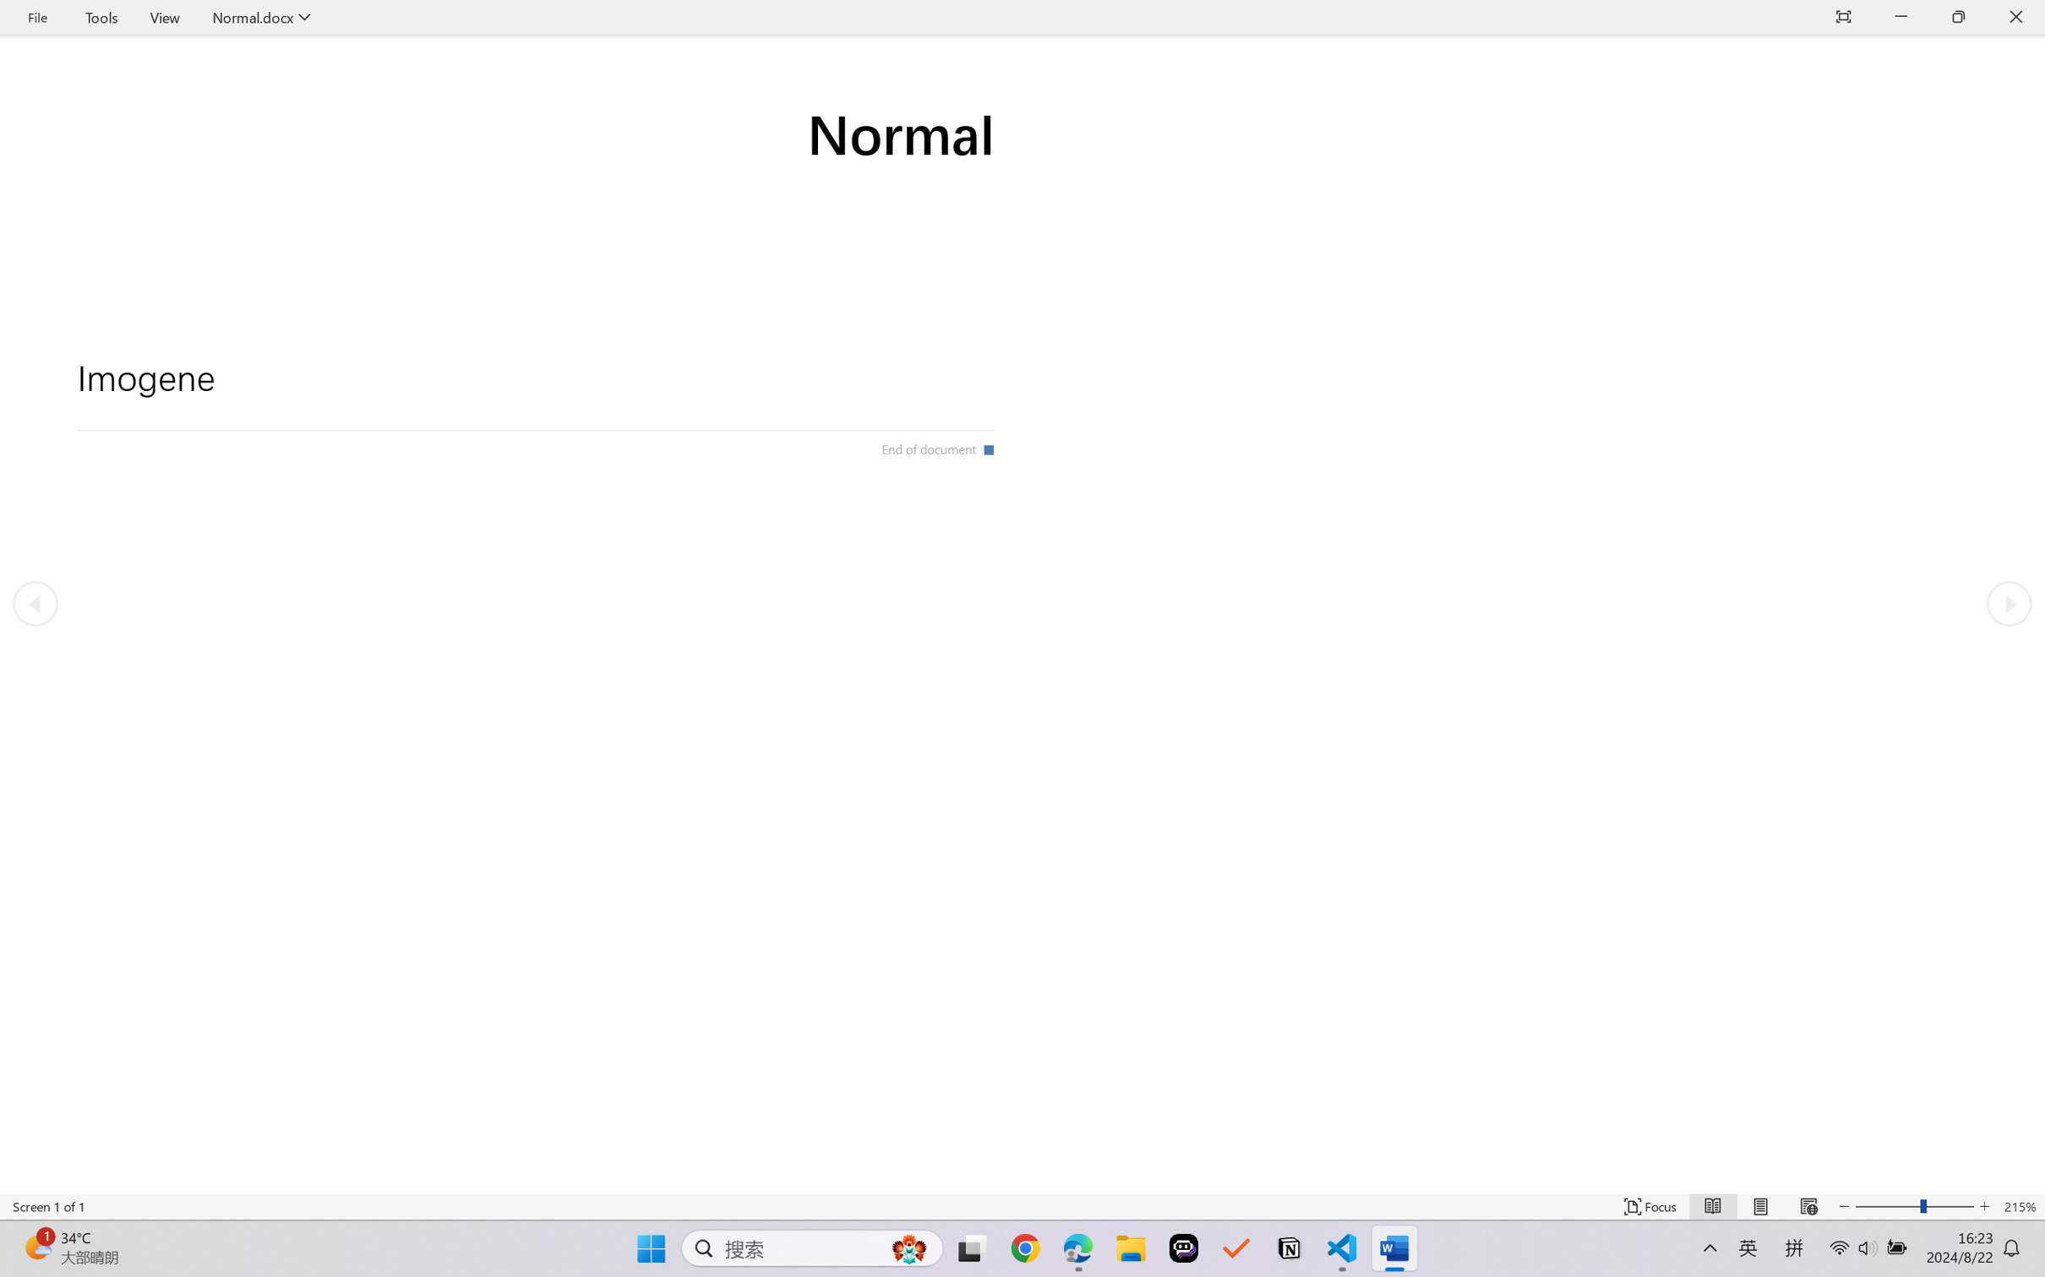 The image size is (2045, 1277). I want to click on 'Increase Text Size', so click(1984, 1206).